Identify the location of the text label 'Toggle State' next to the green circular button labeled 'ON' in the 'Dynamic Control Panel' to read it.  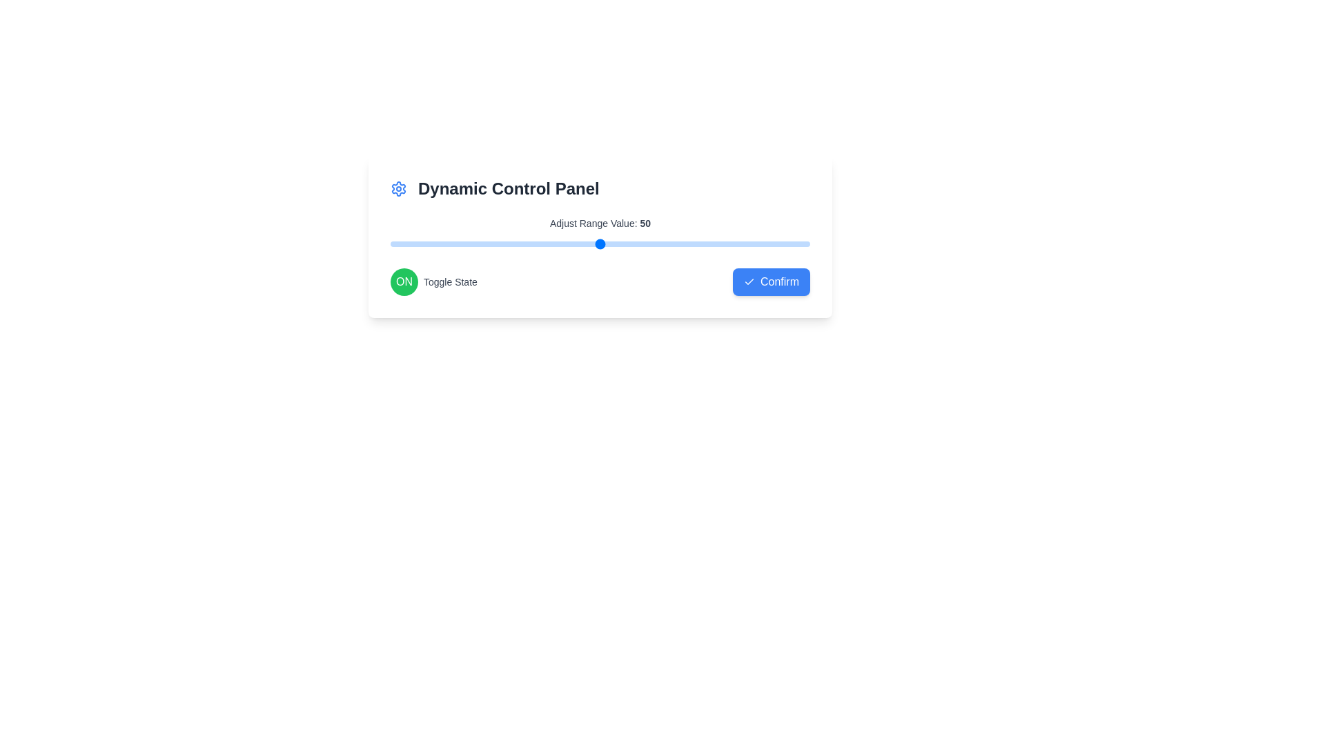
(433, 281).